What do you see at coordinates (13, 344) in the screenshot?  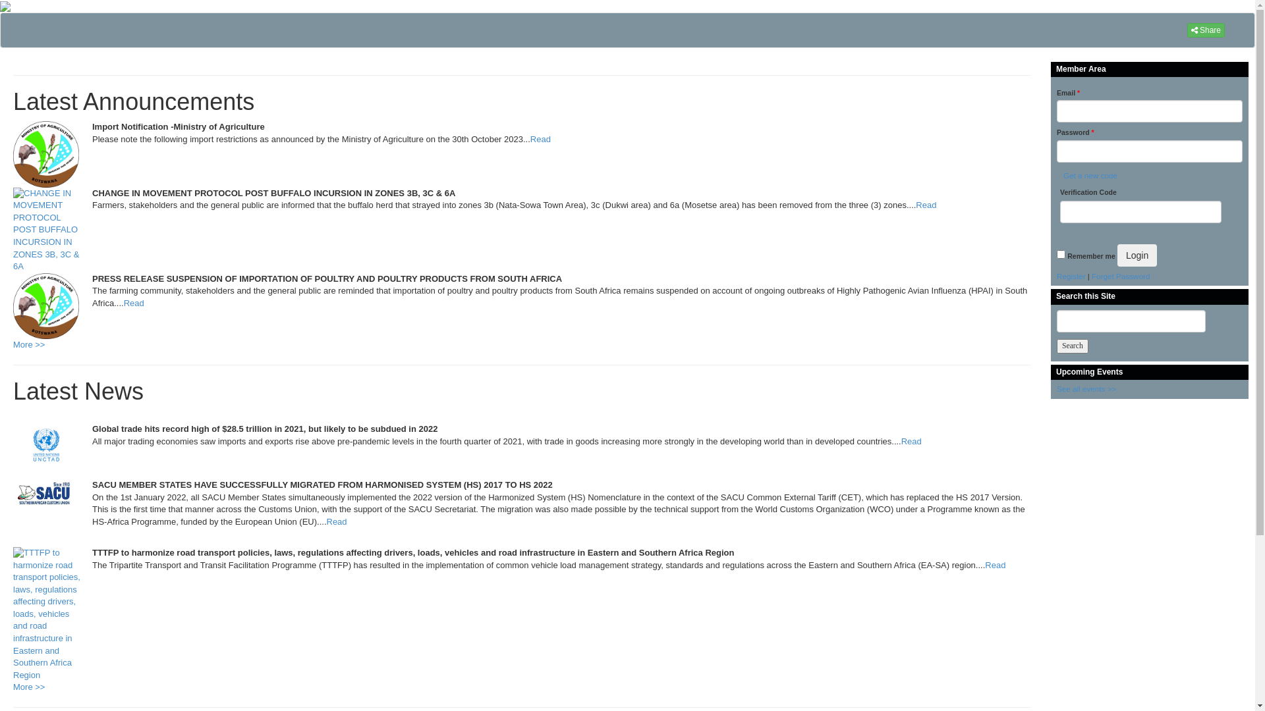 I see `'More >>'` at bounding box center [13, 344].